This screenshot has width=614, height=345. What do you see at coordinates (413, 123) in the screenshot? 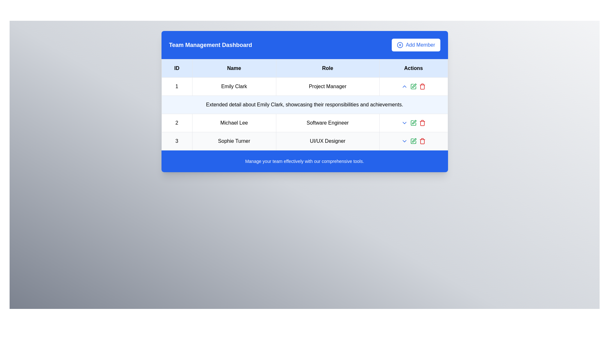
I see `the green pen icon button in the Actions column of the table's second row` at bounding box center [413, 123].